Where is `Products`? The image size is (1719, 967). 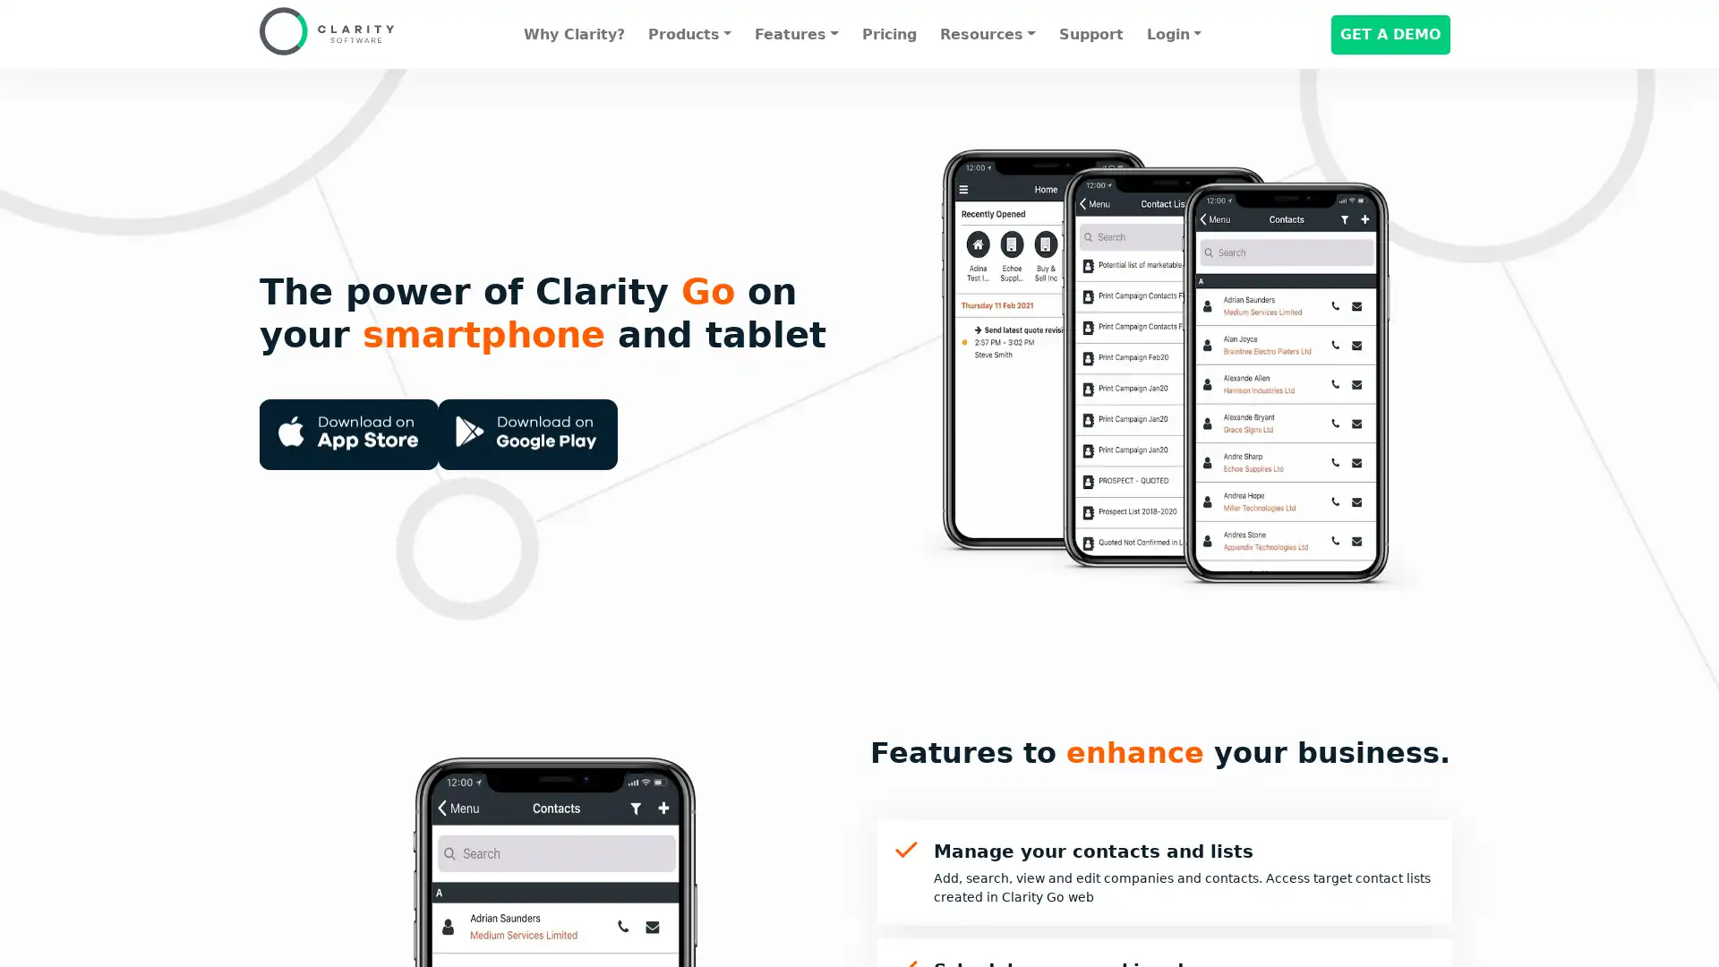
Products is located at coordinates (688, 34).